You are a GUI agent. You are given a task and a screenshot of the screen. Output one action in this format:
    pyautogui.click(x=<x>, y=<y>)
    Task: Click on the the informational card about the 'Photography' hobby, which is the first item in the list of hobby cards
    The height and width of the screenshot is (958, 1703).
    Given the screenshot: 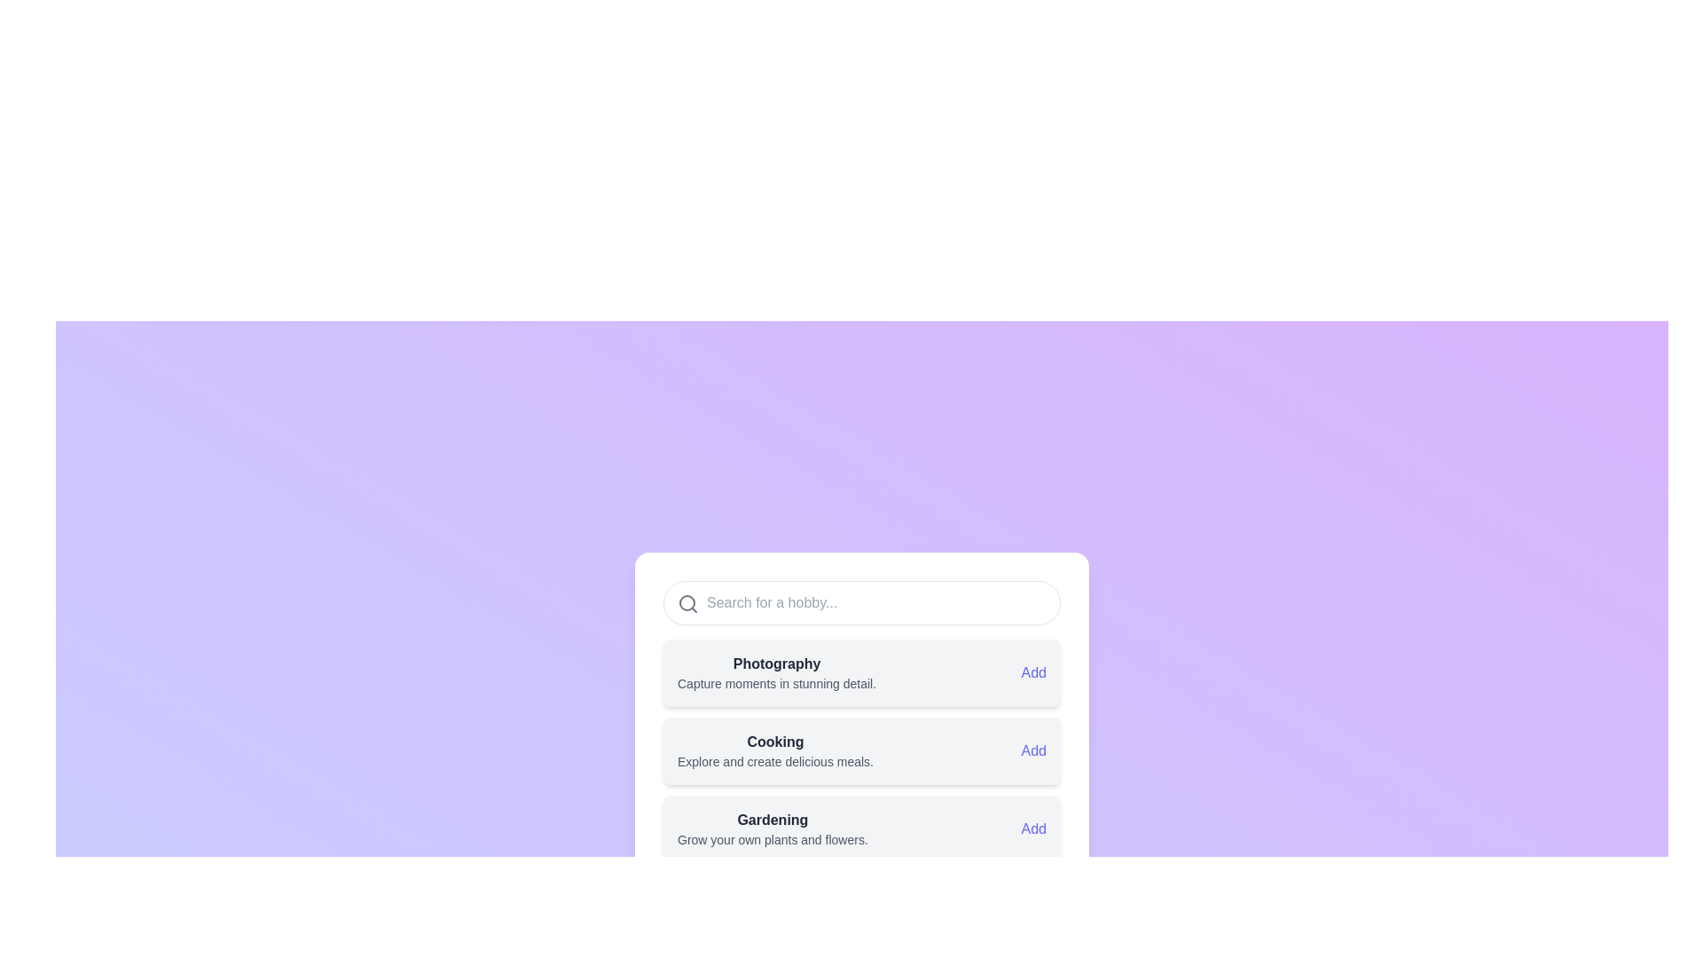 What is the action you would take?
    pyautogui.click(x=777, y=673)
    